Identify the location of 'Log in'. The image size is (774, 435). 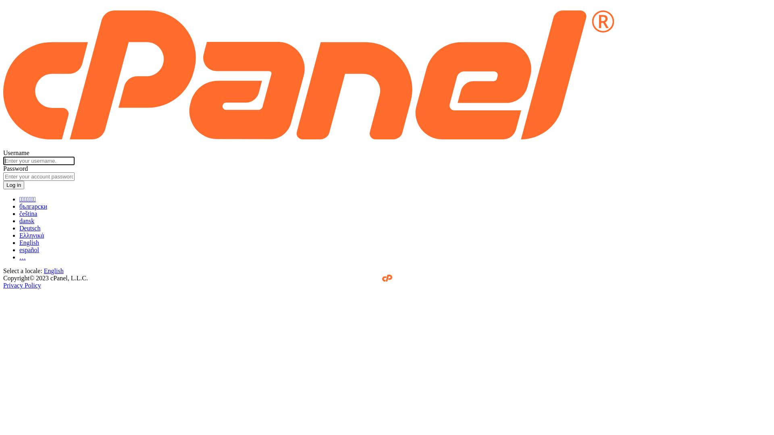
(13, 185).